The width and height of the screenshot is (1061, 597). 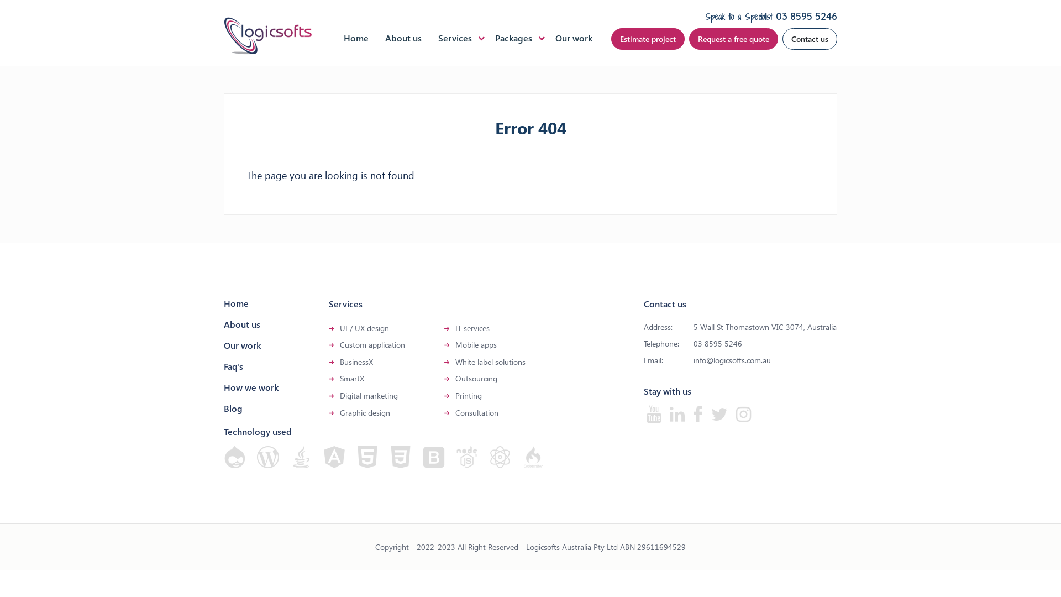 What do you see at coordinates (455, 395) in the screenshot?
I see `'Printing'` at bounding box center [455, 395].